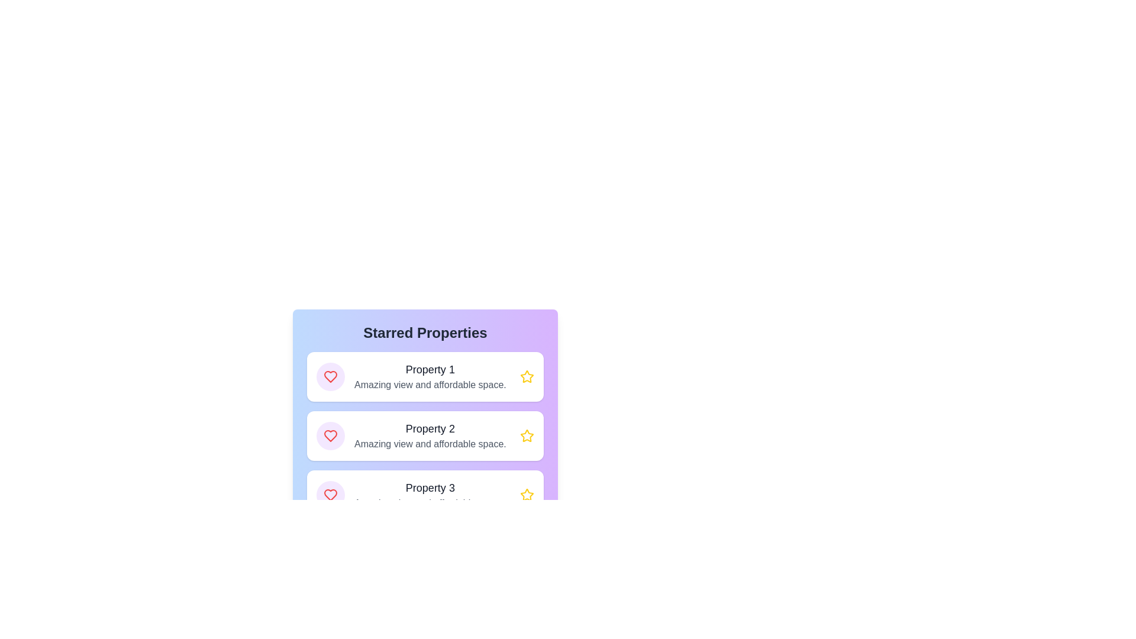  I want to click on the second Information Card in the vertically stacked list of property listings, which displays the property's name and tagline, so click(425, 435).